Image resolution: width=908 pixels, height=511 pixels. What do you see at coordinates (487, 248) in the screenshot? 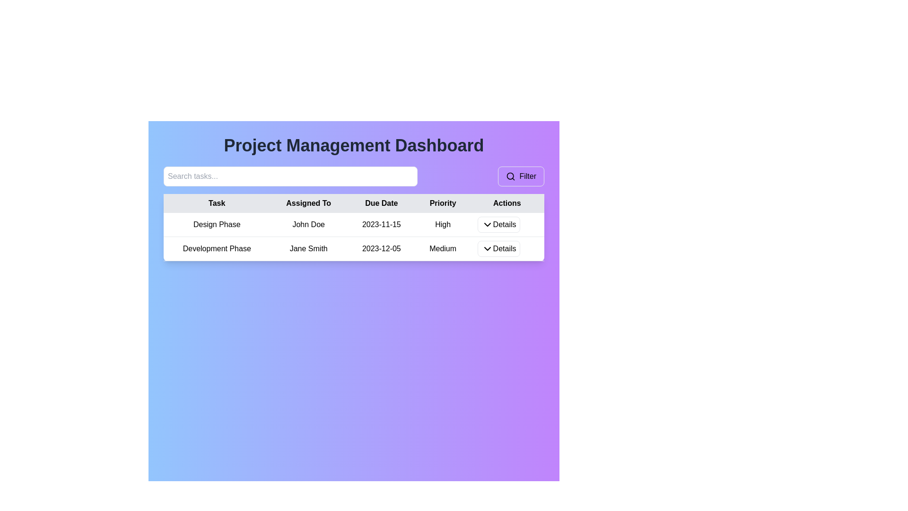
I see `the Chevron Down icon located within the second 'Details' button in the Actions column of the second row in the table` at bounding box center [487, 248].